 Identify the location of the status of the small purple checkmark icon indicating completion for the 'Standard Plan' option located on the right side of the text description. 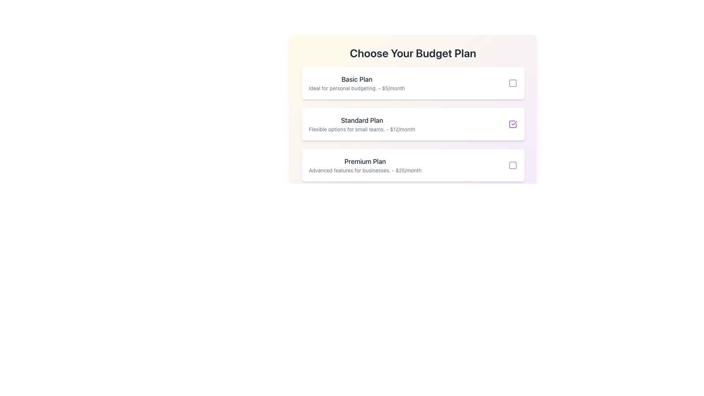
(513, 122).